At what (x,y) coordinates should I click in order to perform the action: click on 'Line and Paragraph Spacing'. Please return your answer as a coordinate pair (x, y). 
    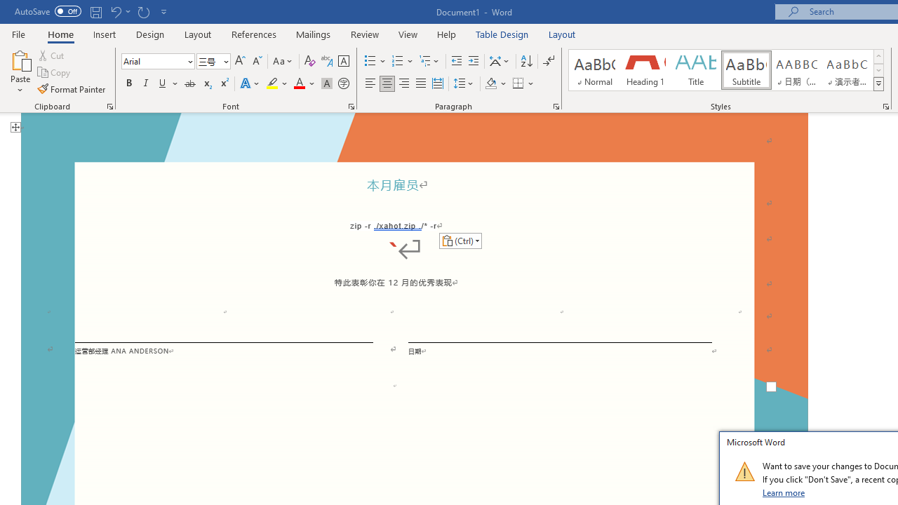
    Looking at the image, I should click on (464, 83).